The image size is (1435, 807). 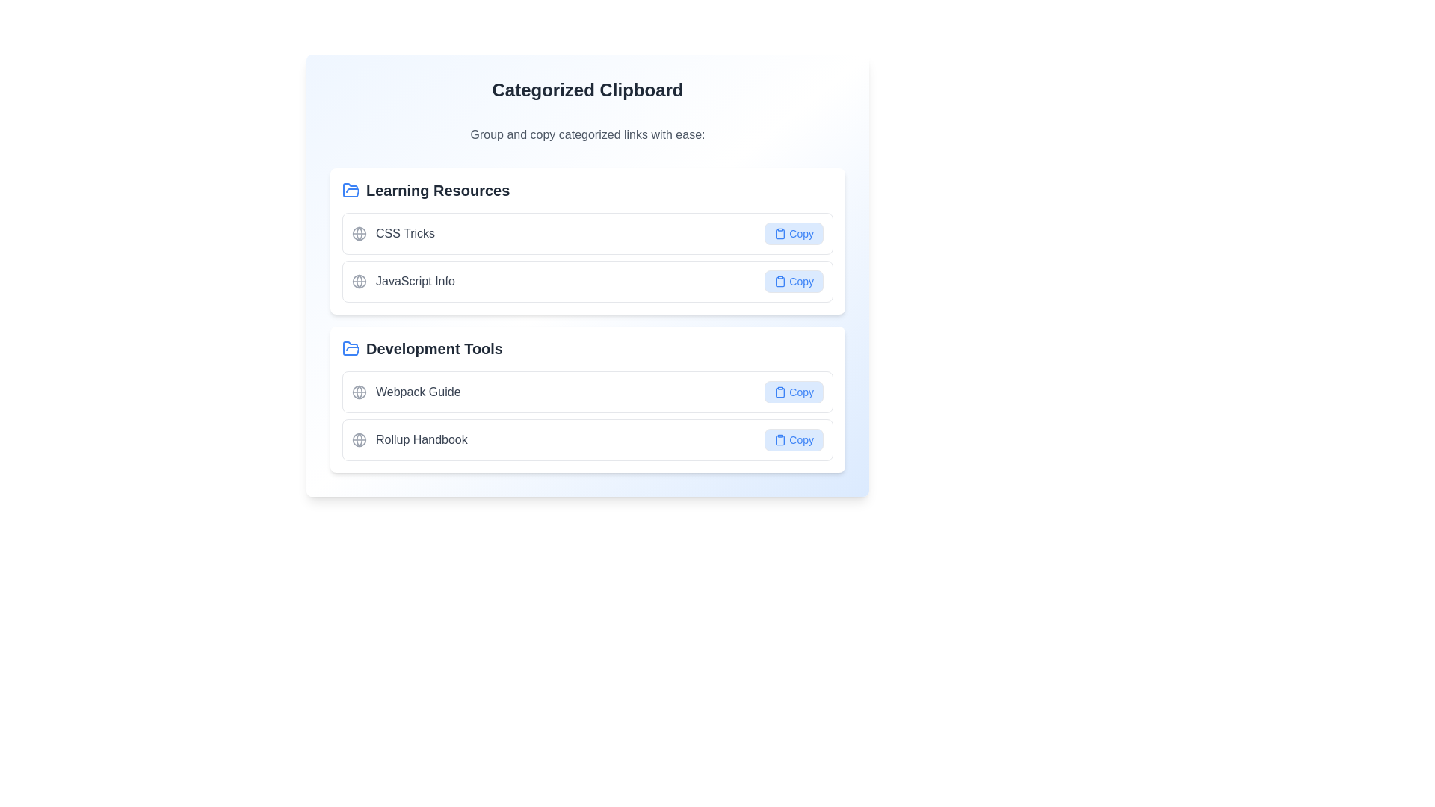 I want to click on the graphical icon part resembling an open folder, located under the 'Categorized Clipboard' section for 'Development Tools', so click(x=351, y=348).